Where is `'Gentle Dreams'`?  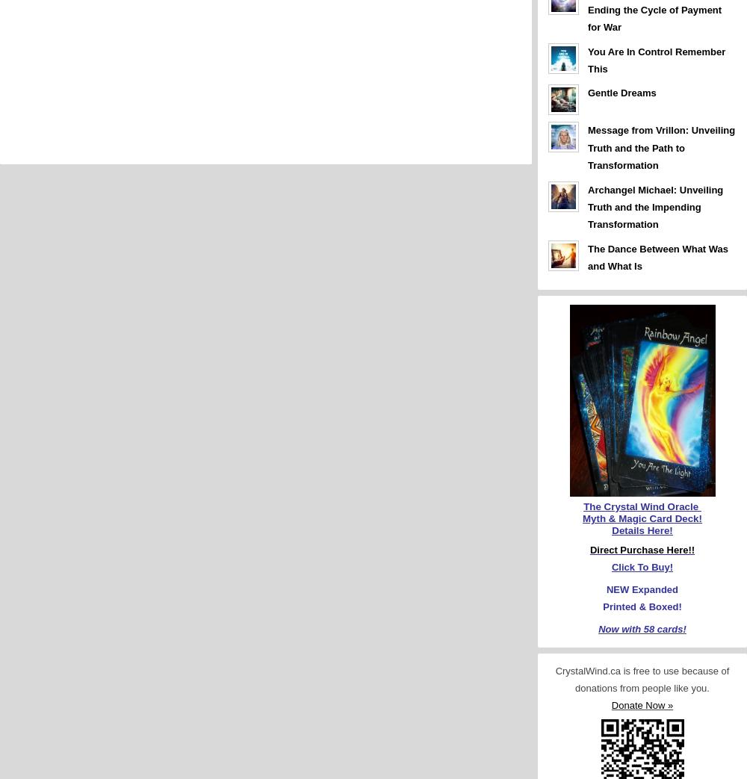
'Gentle Dreams' is located at coordinates (588, 93).